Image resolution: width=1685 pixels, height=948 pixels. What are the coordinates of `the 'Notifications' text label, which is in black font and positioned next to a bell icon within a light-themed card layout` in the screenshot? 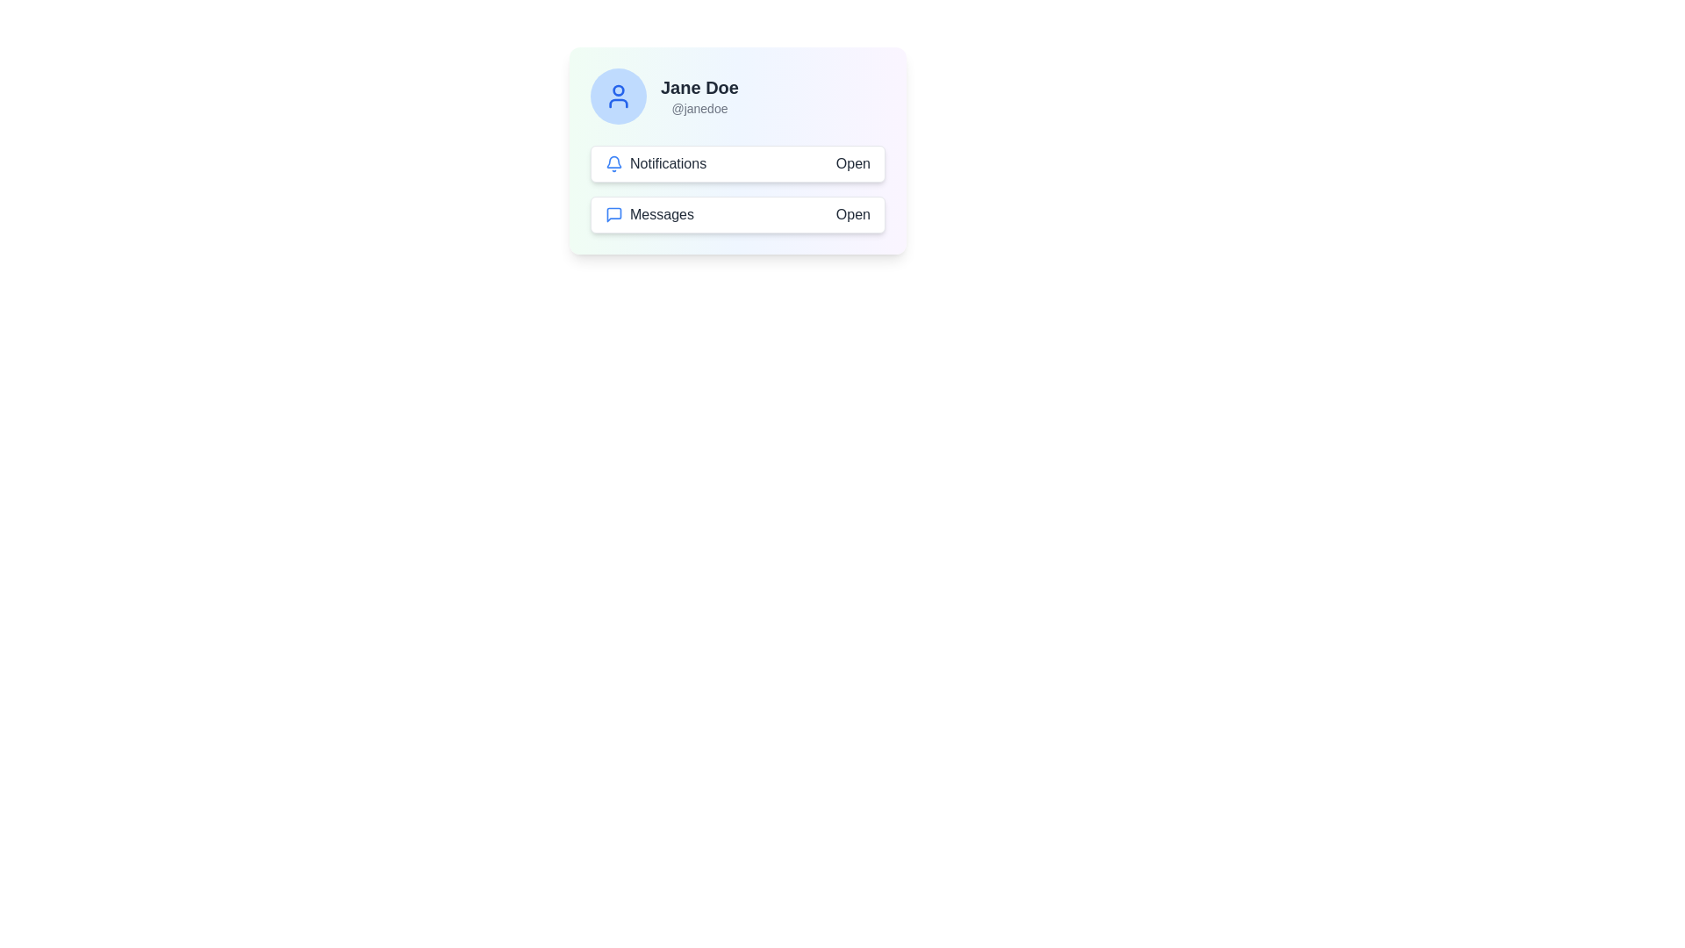 It's located at (667, 163).